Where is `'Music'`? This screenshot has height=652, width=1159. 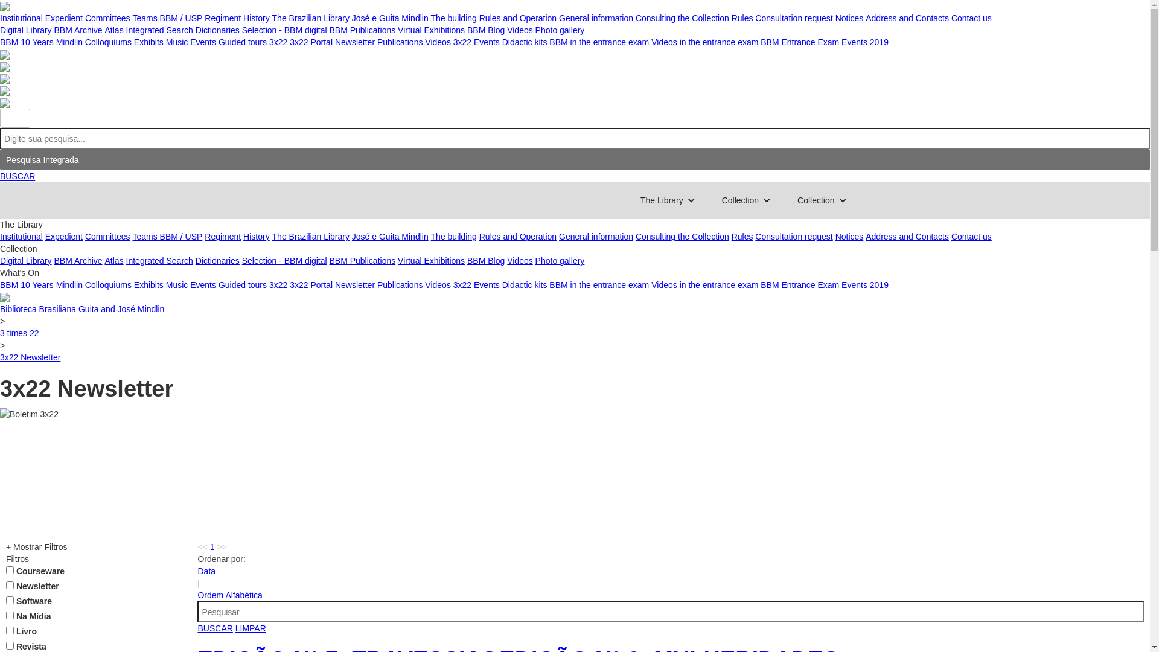
'Music' is located at coordinates (176, 41).